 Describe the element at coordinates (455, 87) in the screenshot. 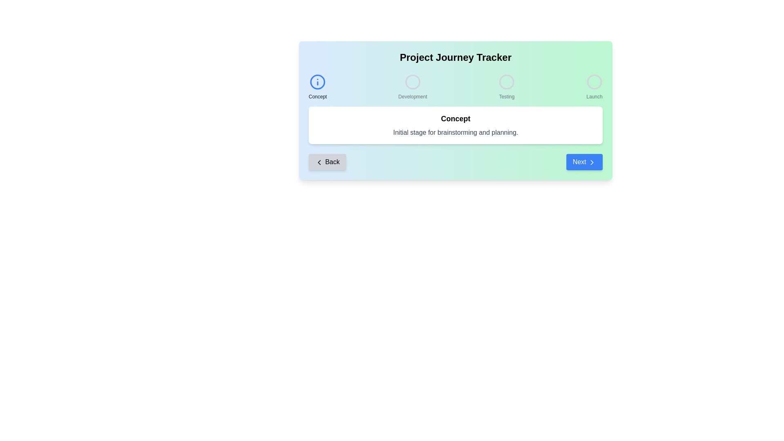

I see `labels of the Progress Indicator, which includes 'Concept', 'Development', 'Testing', and 'Launch' displayed with circular icons, located in the 'Project Journey Tracker' panel` at that location.